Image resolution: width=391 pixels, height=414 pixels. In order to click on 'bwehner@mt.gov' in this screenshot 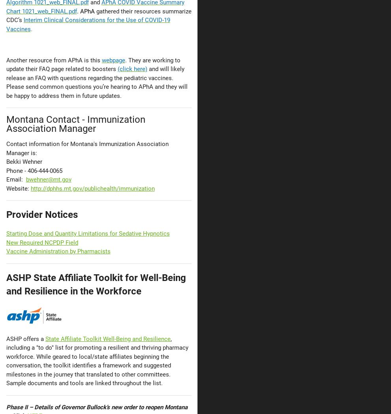, I will do `click(48, 179)`.